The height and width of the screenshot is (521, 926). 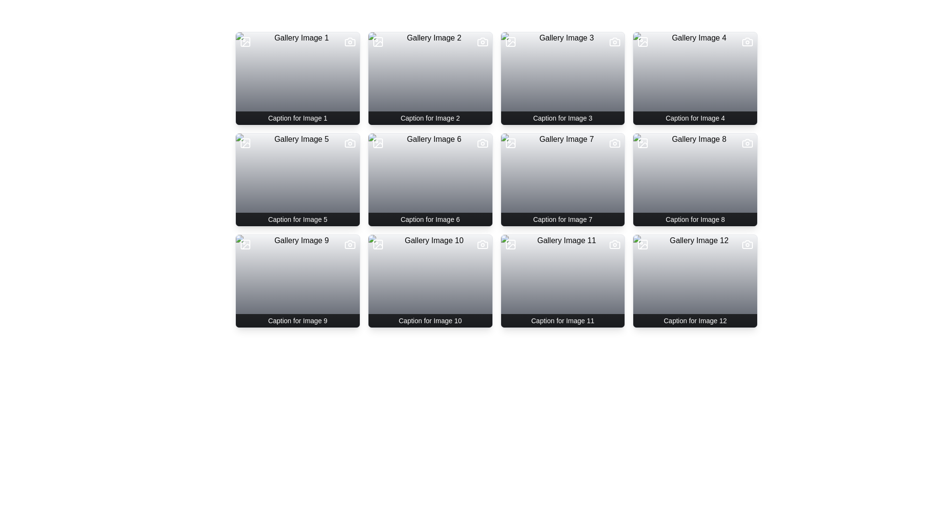 What do you see at coordinates (643, 244) in the screenshot?
I see `the icon located at the top-left corner of the gallery item labeled 'Caption for Image 12'` at bounding box center [643, 244].